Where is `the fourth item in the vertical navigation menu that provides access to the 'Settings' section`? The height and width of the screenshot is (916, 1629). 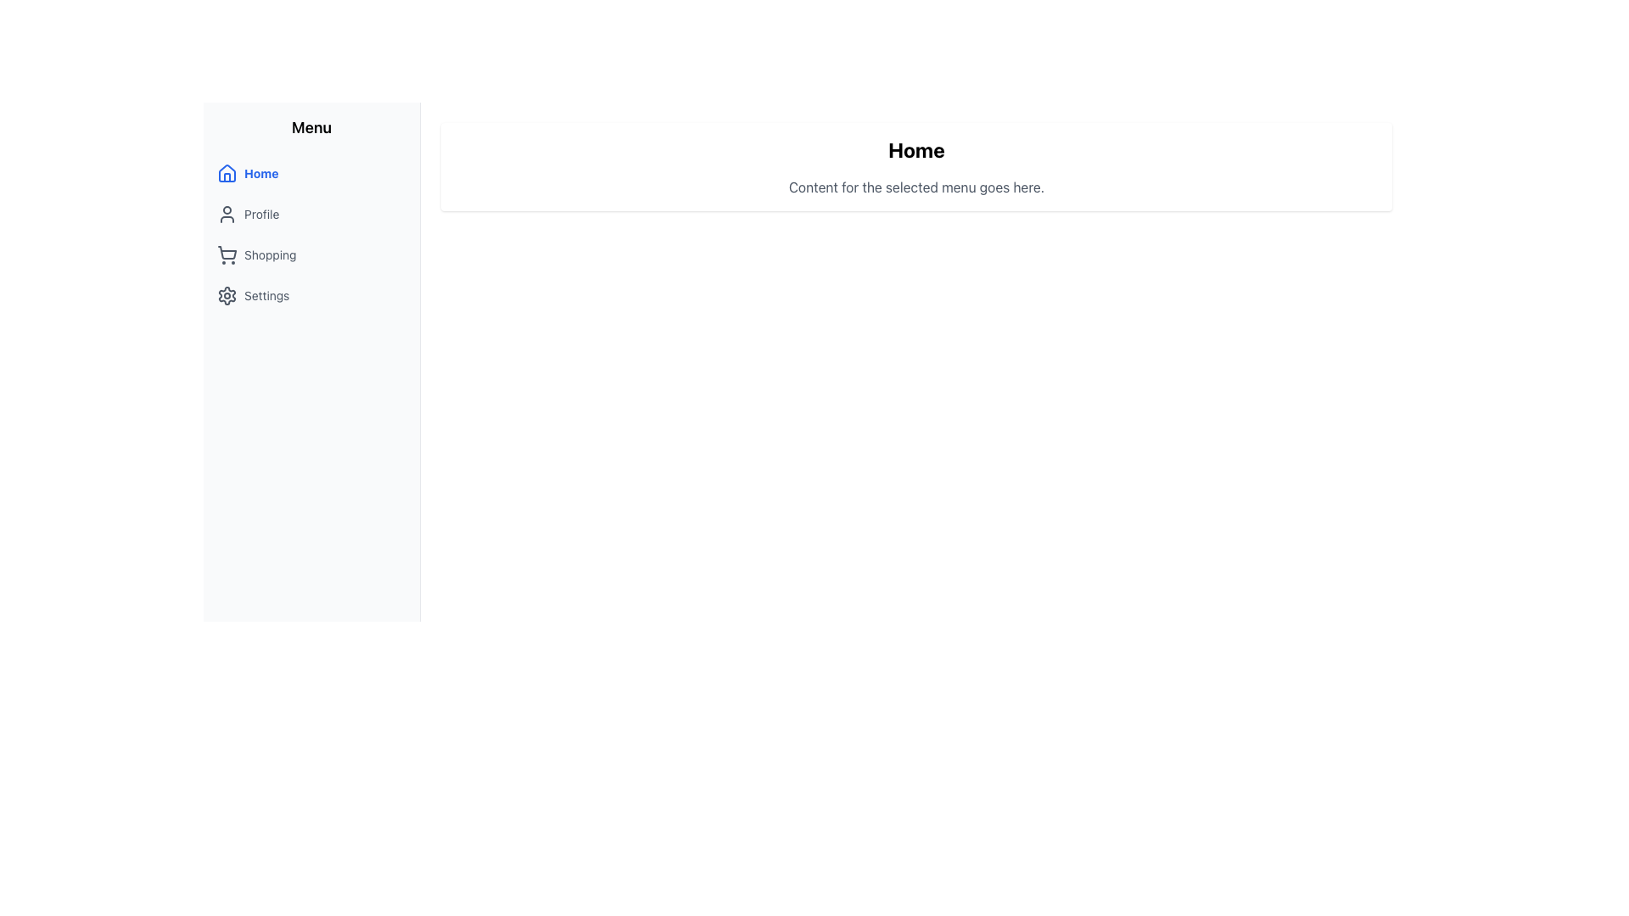
the fourth item in the vertical navigation menu that provides access to the 'Settings' section is located at coordinates (311, 294).